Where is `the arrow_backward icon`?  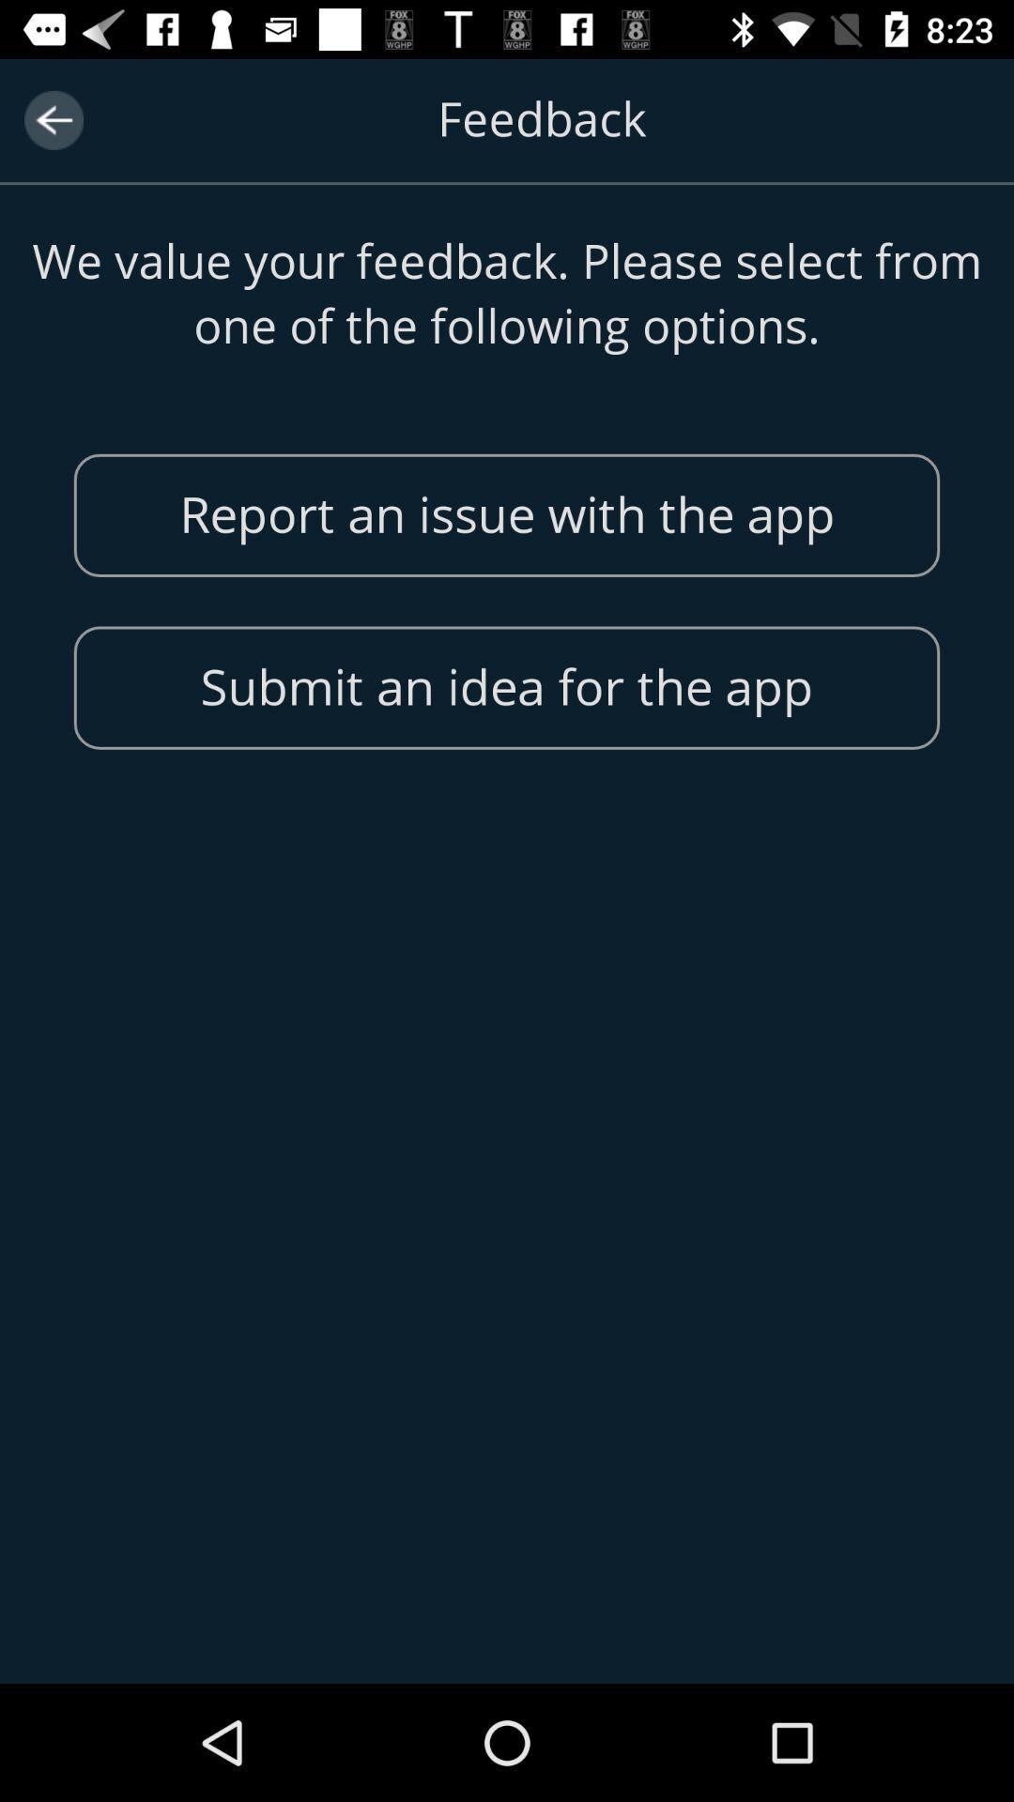
the arrow_backward icon is located at coordinates (53, 119).